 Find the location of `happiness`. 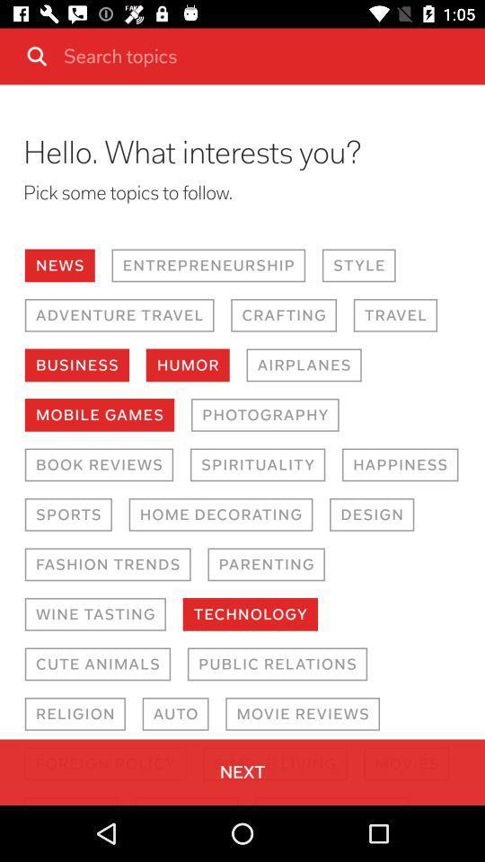

happiness is located at coordinates (400, 463).